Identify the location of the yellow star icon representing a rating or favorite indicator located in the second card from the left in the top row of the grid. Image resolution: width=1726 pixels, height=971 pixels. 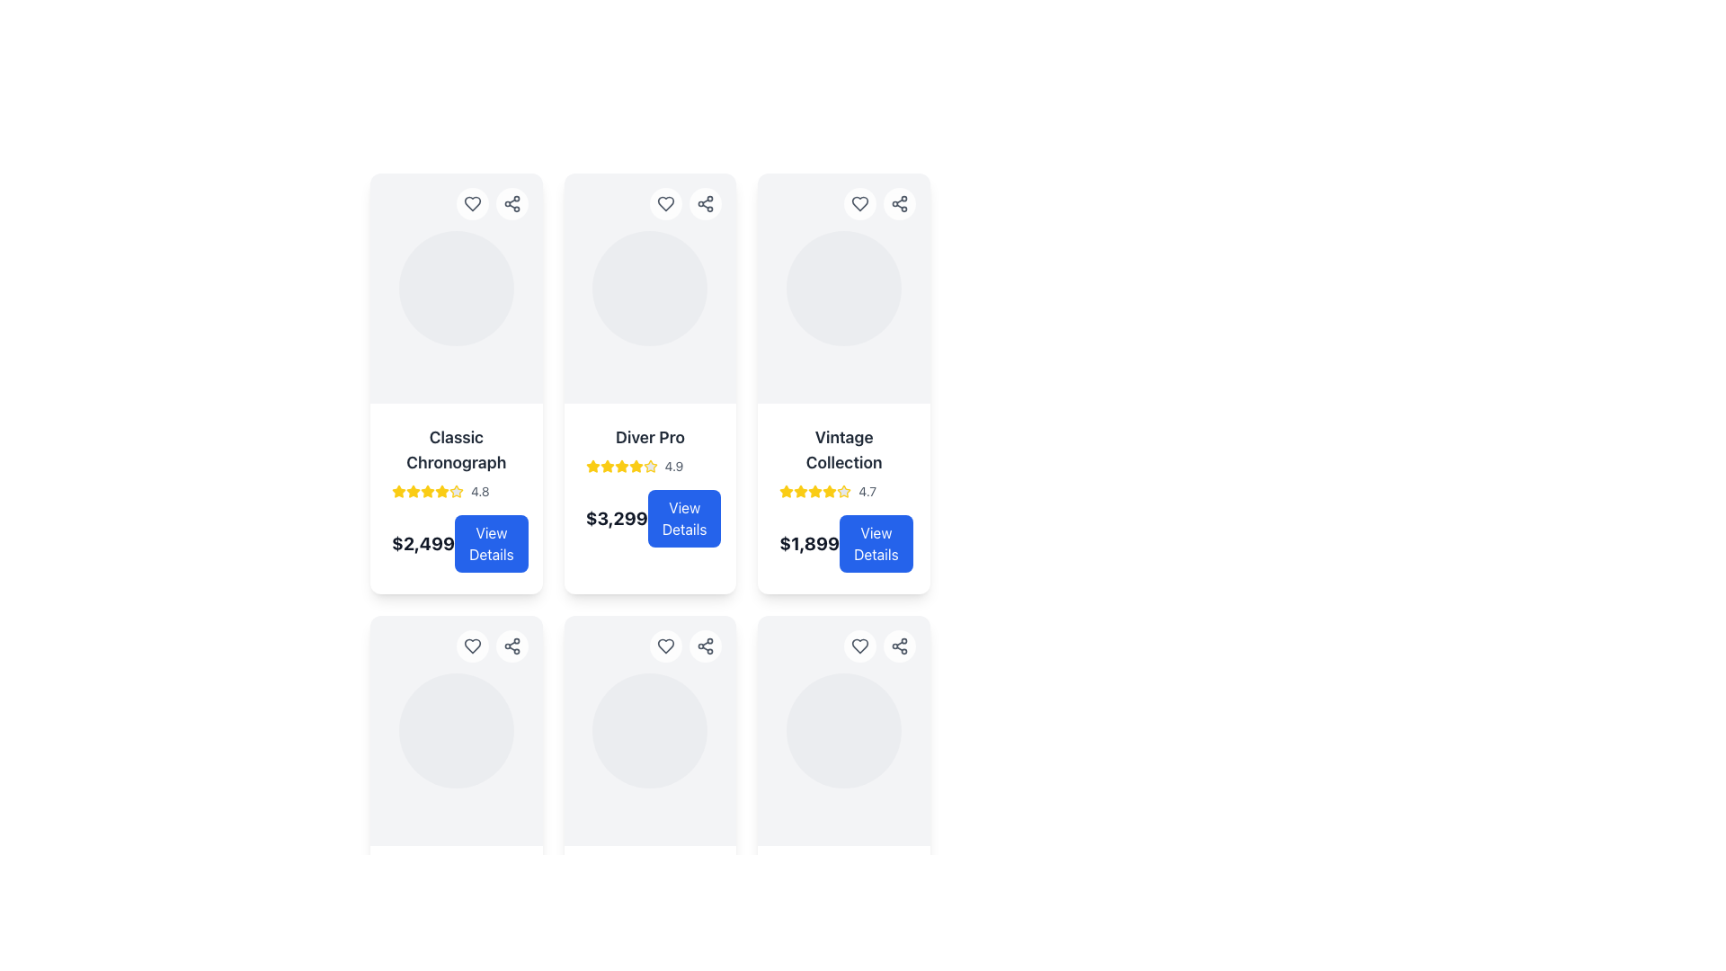
(621, 465).